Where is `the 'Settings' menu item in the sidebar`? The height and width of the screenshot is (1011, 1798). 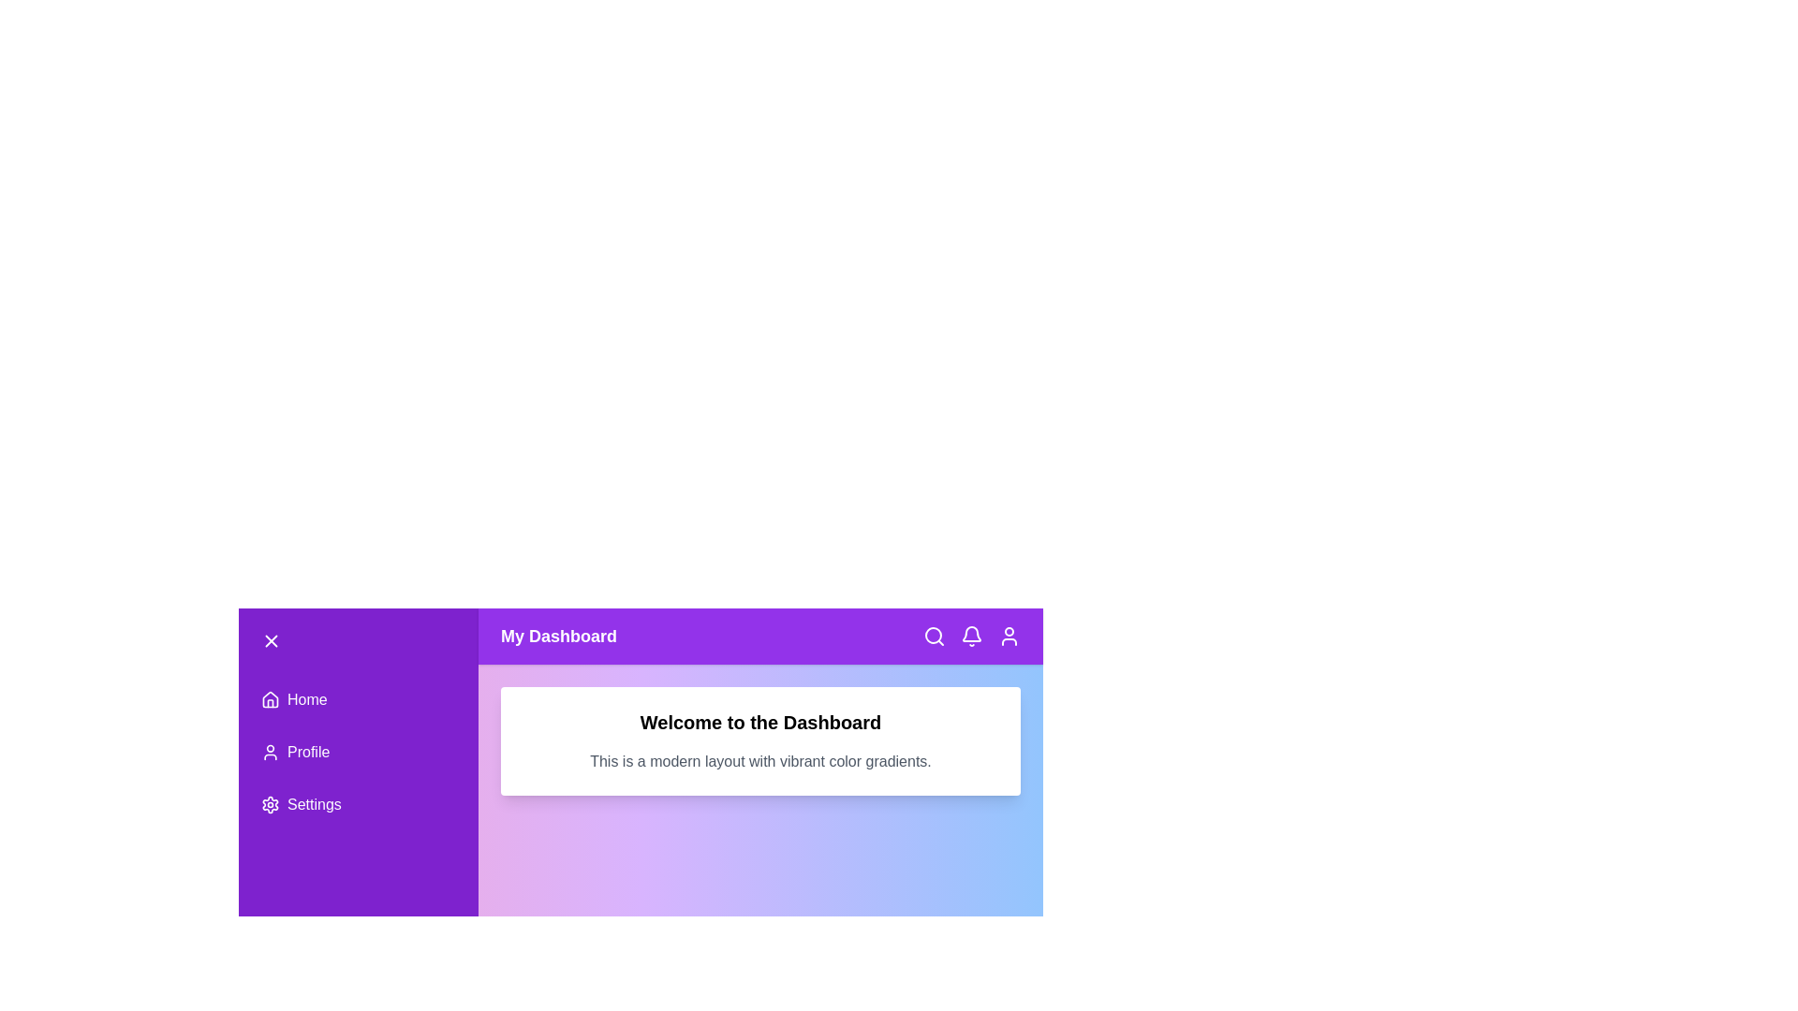 the 'Settings' menu item in the sidebar is located at coordinates (359, 804).